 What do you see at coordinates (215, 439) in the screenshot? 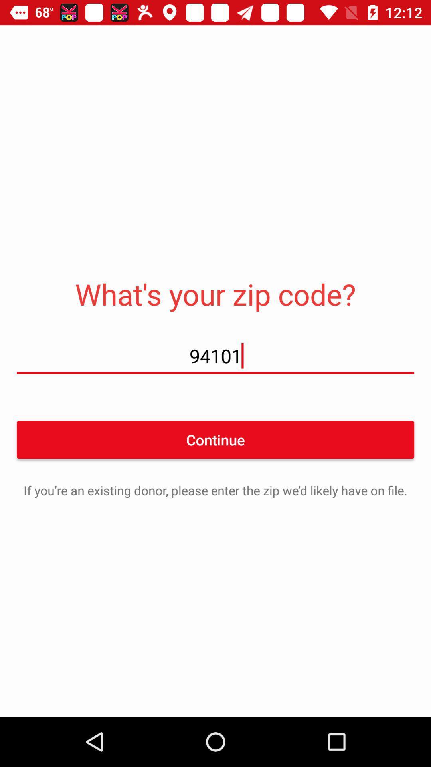
I see `the continue item` at bounding box center [215, 439].